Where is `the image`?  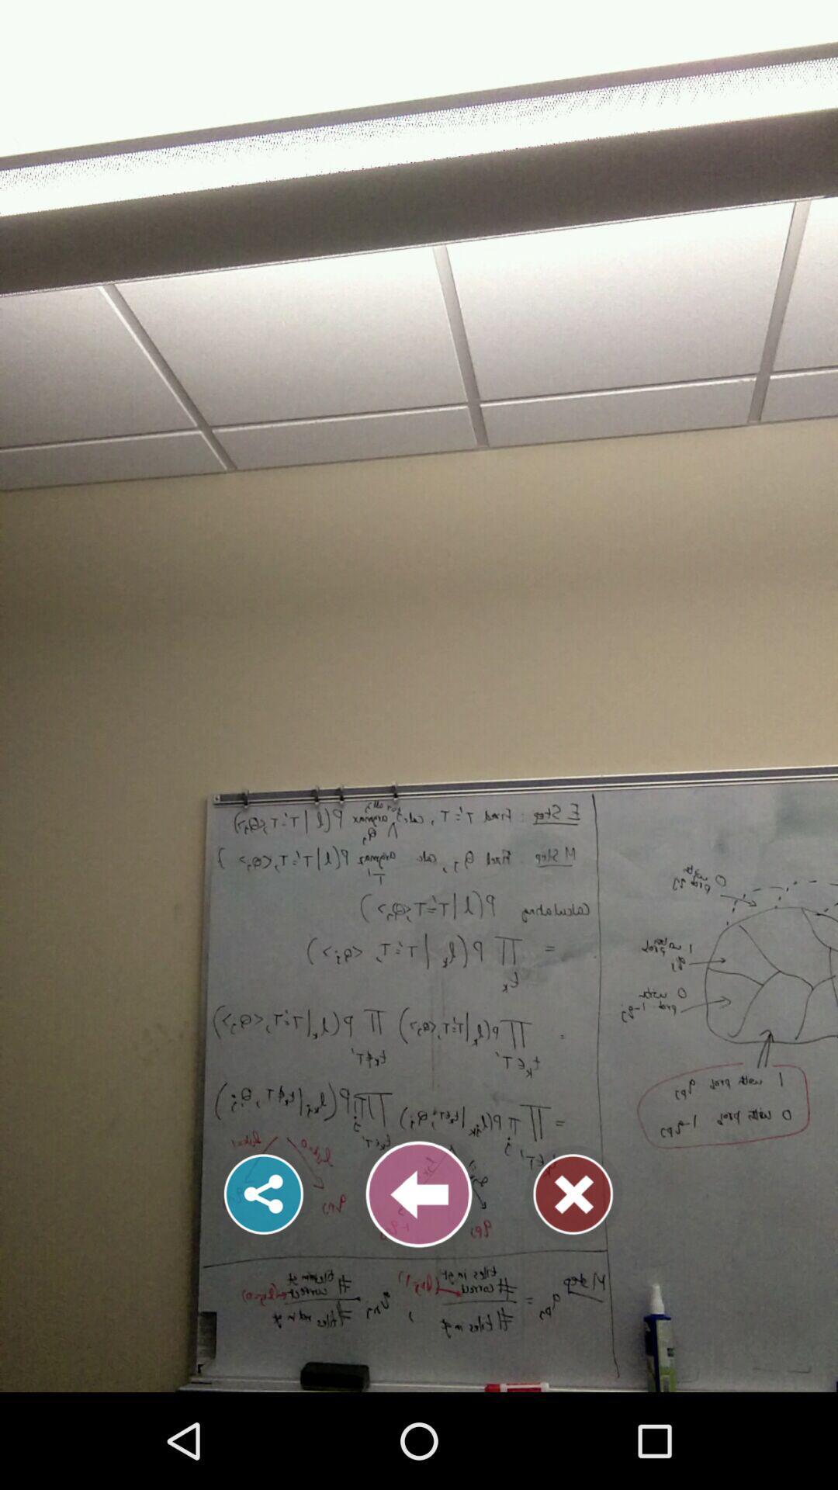 the image is located at coordinates (573, 1194).